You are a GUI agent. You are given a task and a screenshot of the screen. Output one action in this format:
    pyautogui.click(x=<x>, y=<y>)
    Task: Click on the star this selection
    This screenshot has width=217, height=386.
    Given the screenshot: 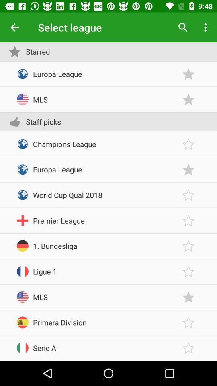 What is the action you would take?
    pyautogui.click(x=188, y=296)
    